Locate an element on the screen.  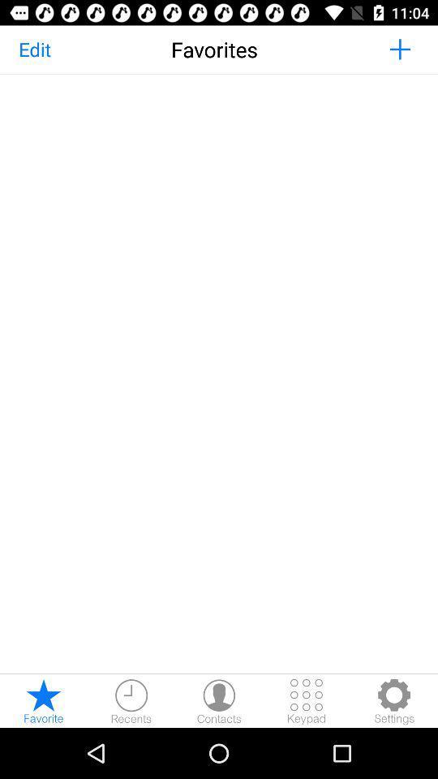
the settings icon is located at coordinates (393, 700).